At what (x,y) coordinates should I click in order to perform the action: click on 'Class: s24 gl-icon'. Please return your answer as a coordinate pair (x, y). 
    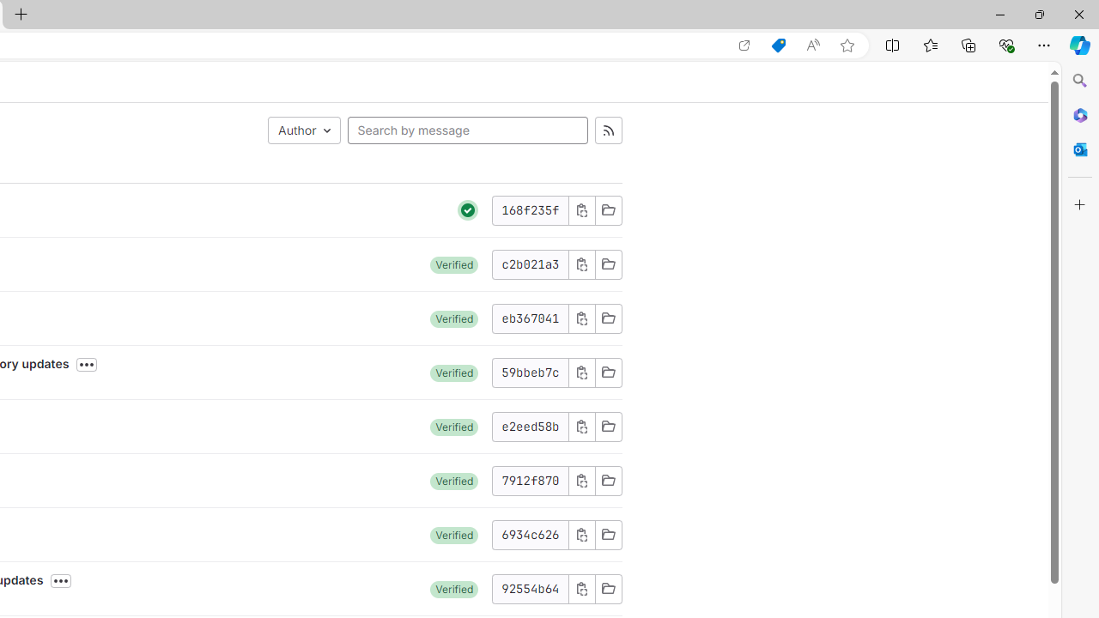
    Looking at the image, I should click on (468, 209).